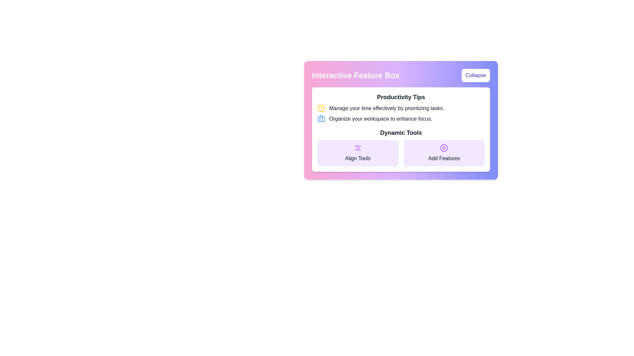  Describe the element at coordinates (321, 119) in the screenshot. I see `the blue-shaded briefcase icon located in the 'Productivity Tips' section, aligned with the text 'Organize your workspace to enhance focus.' to trigger a tooltip` at that location.